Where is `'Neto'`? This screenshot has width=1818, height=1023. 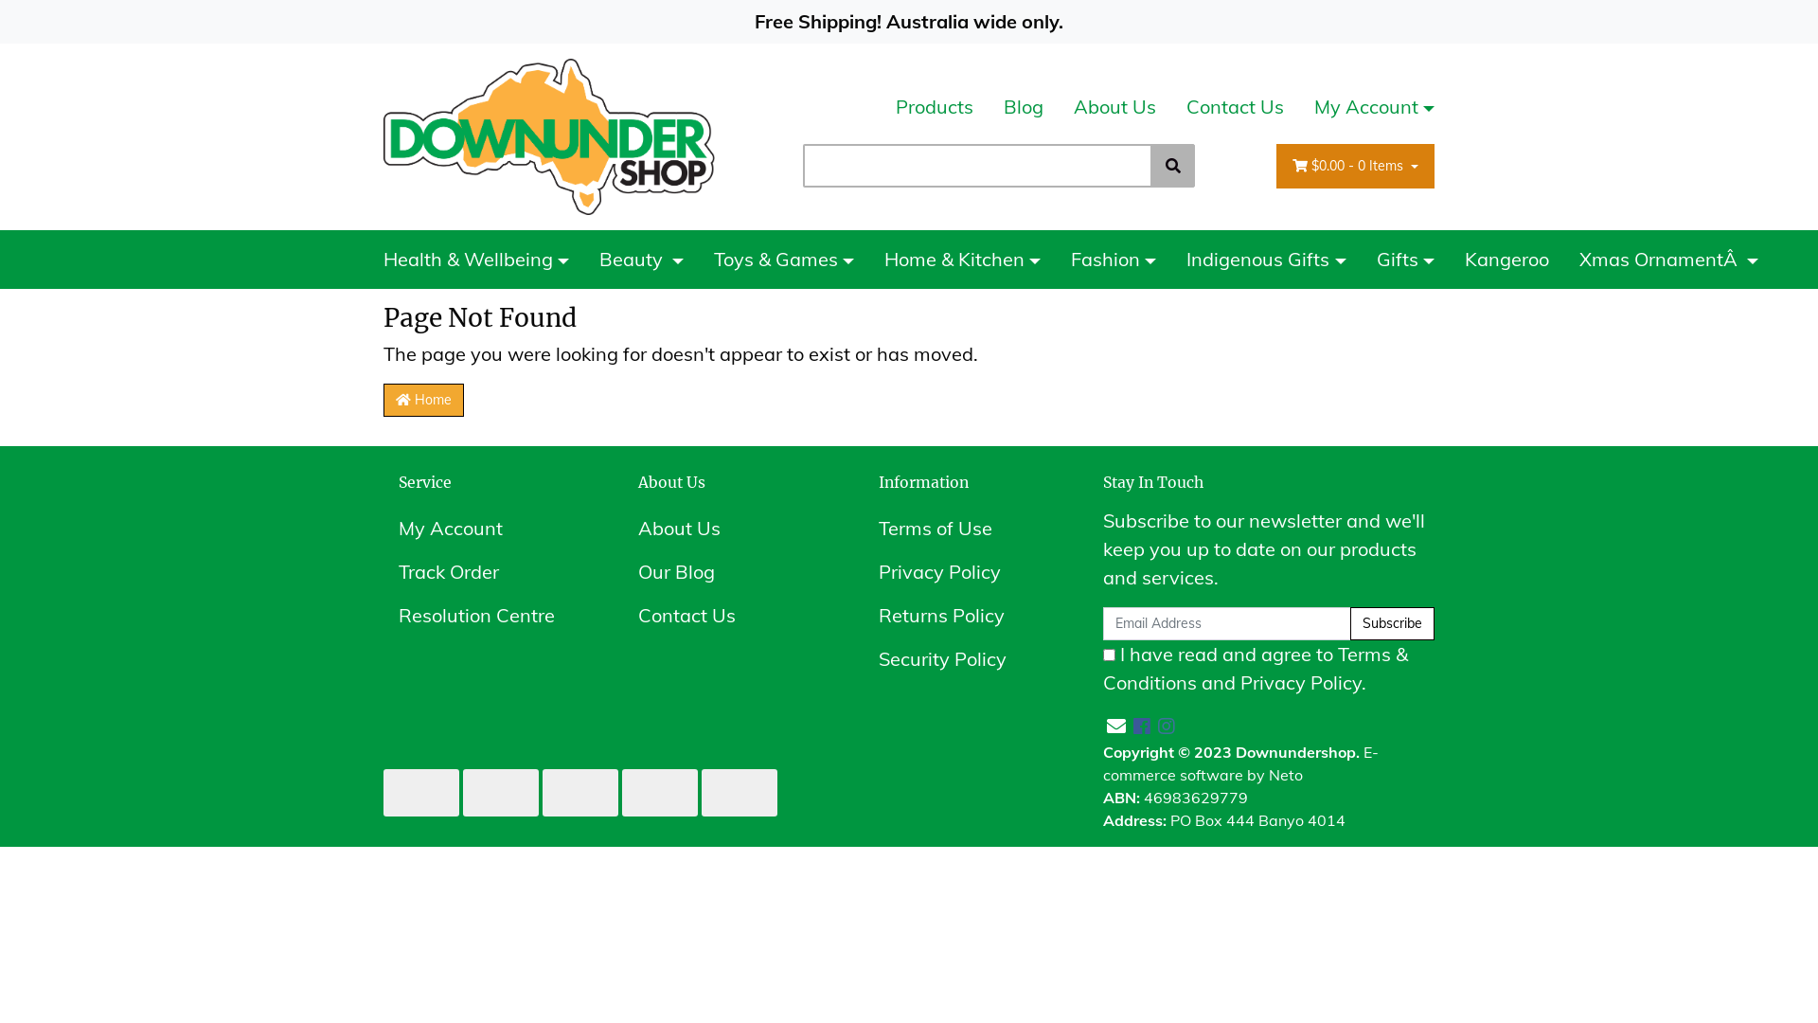 'Neto' is located at coordinates (1286, 774).